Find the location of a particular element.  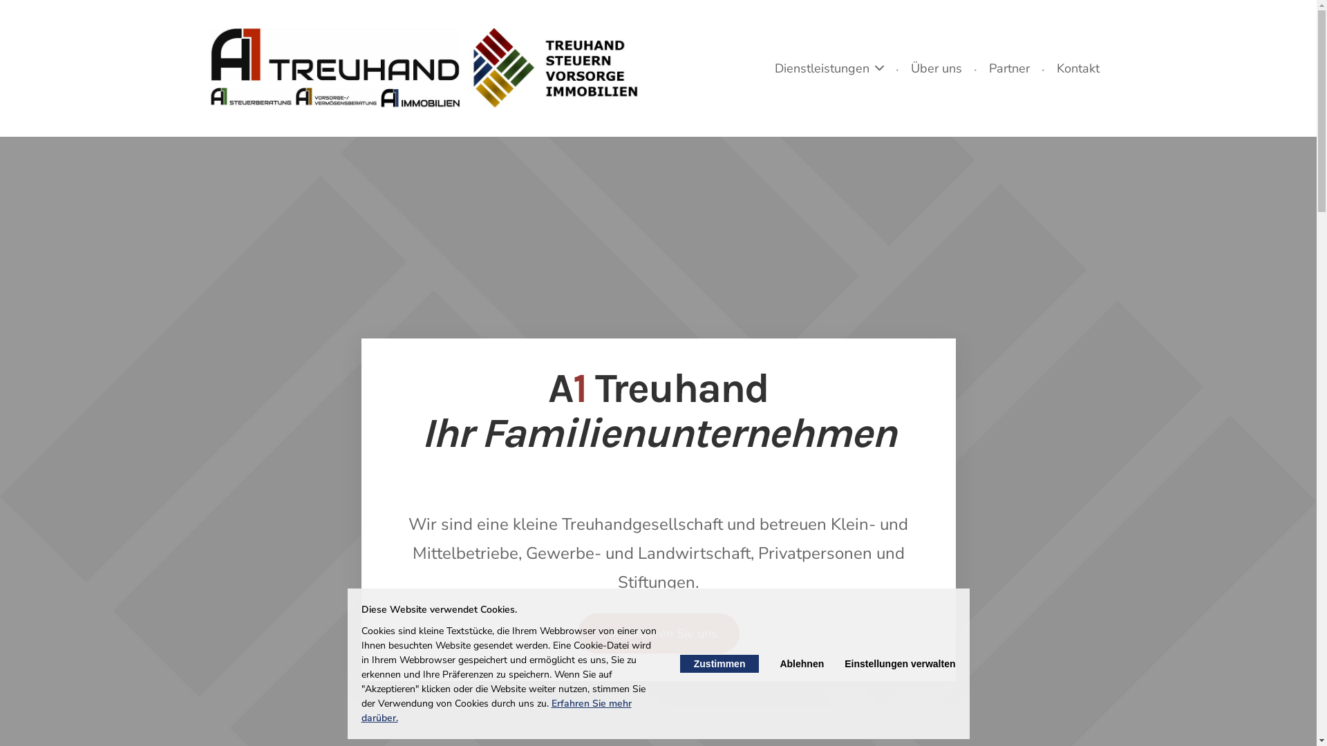

'Zustimmen' is located at coordinates (719, 662).